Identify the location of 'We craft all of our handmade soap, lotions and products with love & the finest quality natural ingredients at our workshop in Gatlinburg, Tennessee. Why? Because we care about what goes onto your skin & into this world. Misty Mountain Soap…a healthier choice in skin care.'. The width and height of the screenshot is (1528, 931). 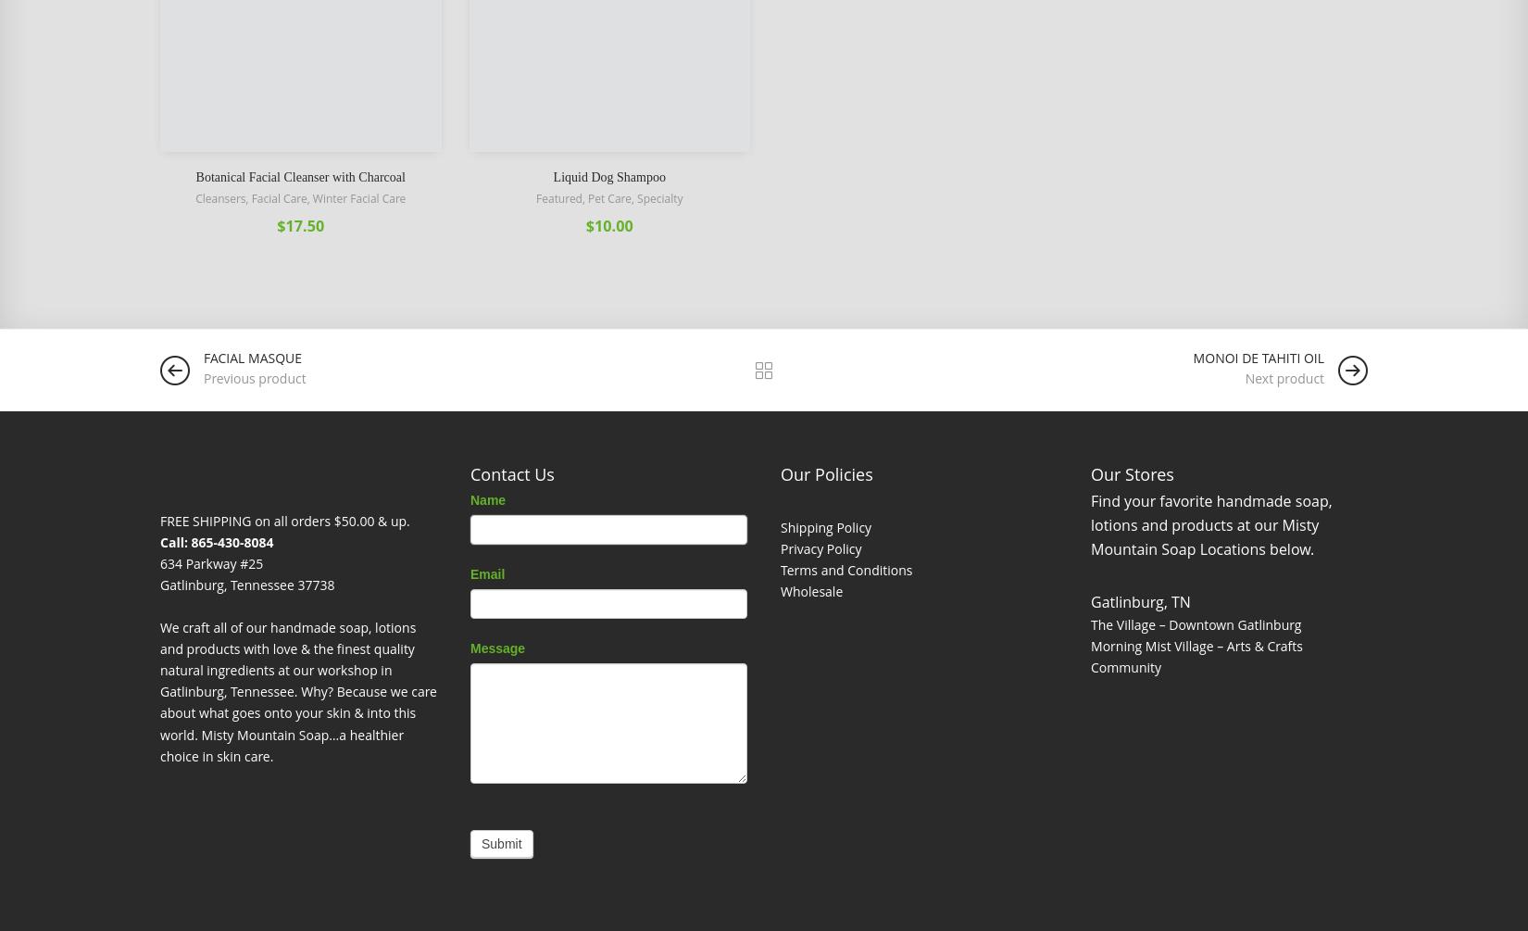
(298, 691).